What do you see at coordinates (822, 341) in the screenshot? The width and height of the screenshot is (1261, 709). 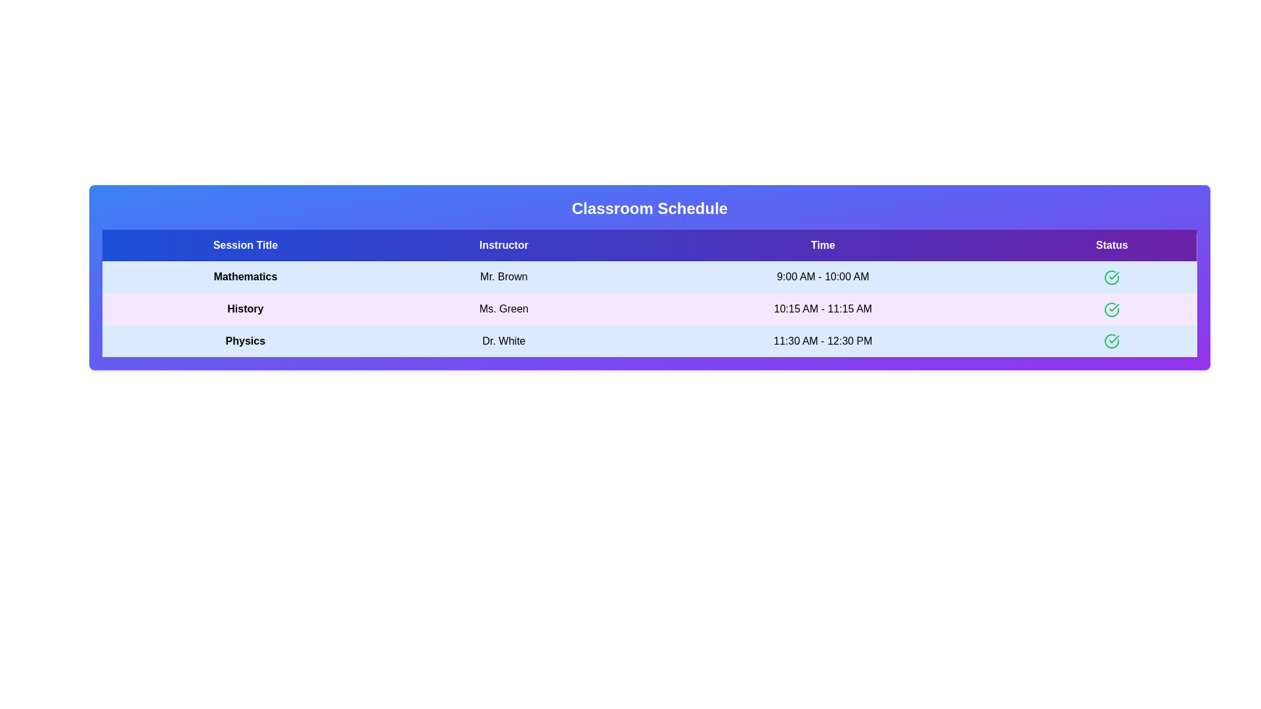 I see `the text element 11:30 AM - 12:30 PM to select or copy its content` at bounding box center [822, 341].